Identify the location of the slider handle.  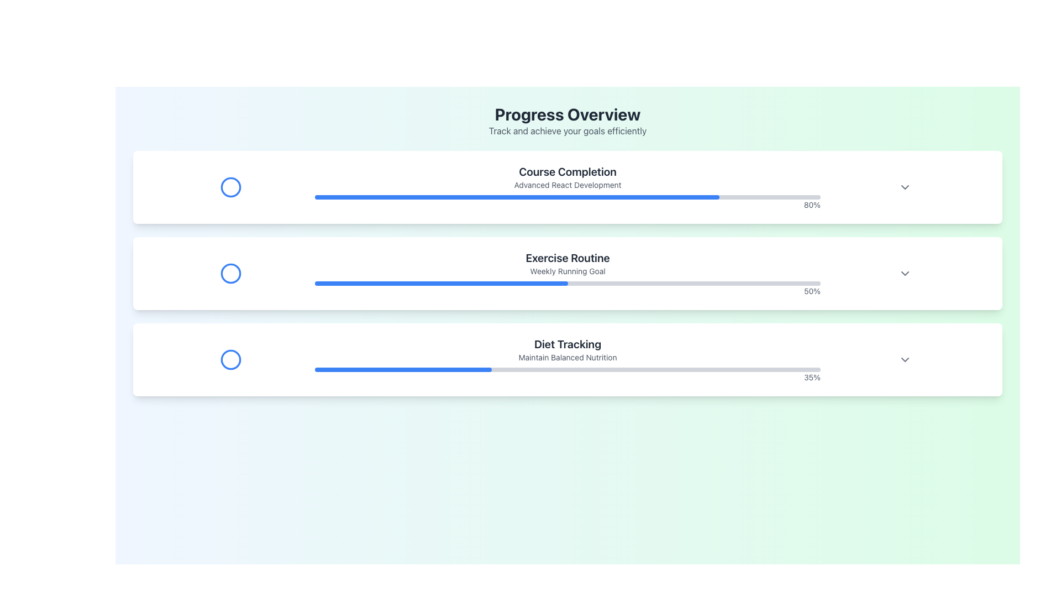
(295, 187).